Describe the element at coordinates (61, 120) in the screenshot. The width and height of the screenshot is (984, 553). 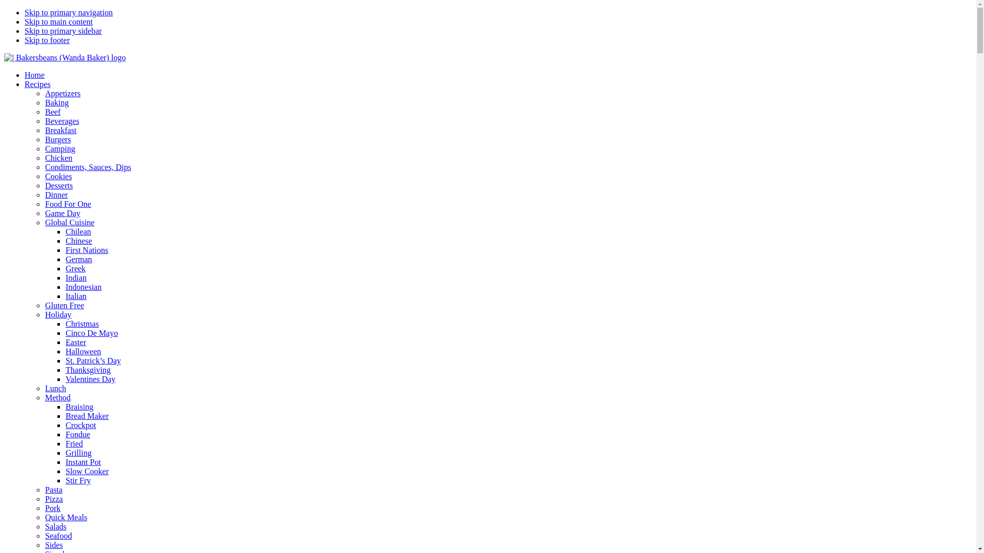
I see `'Beverages'` at that location.